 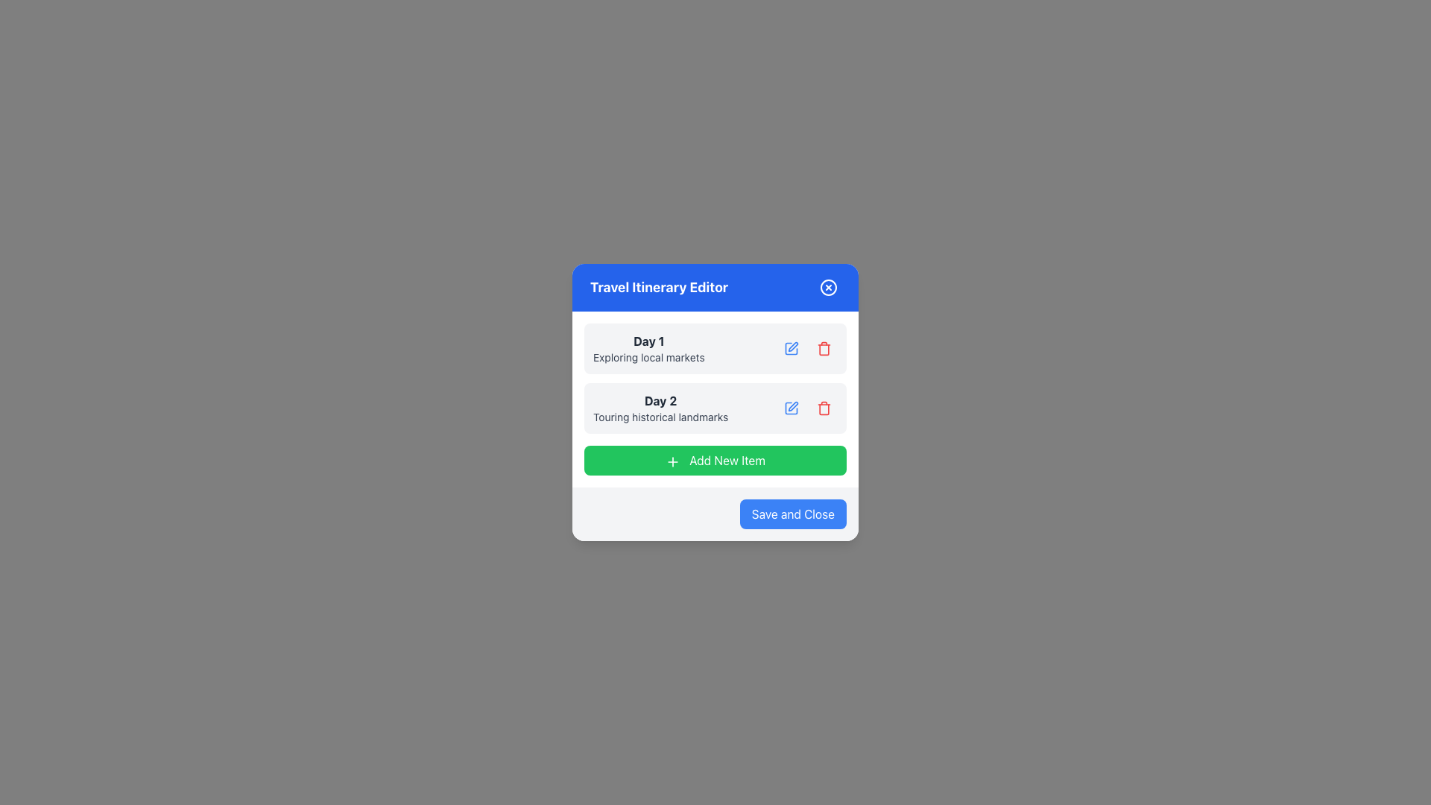 What do you see at coordinates (648, 348) in the screenshot?
I see `text content of the first label in the itinerary tasks list, which displays 'Day 1' in bold dark gray followed by 'Exploring local markets' in smaller light gray` at bounding box center [648, 348].